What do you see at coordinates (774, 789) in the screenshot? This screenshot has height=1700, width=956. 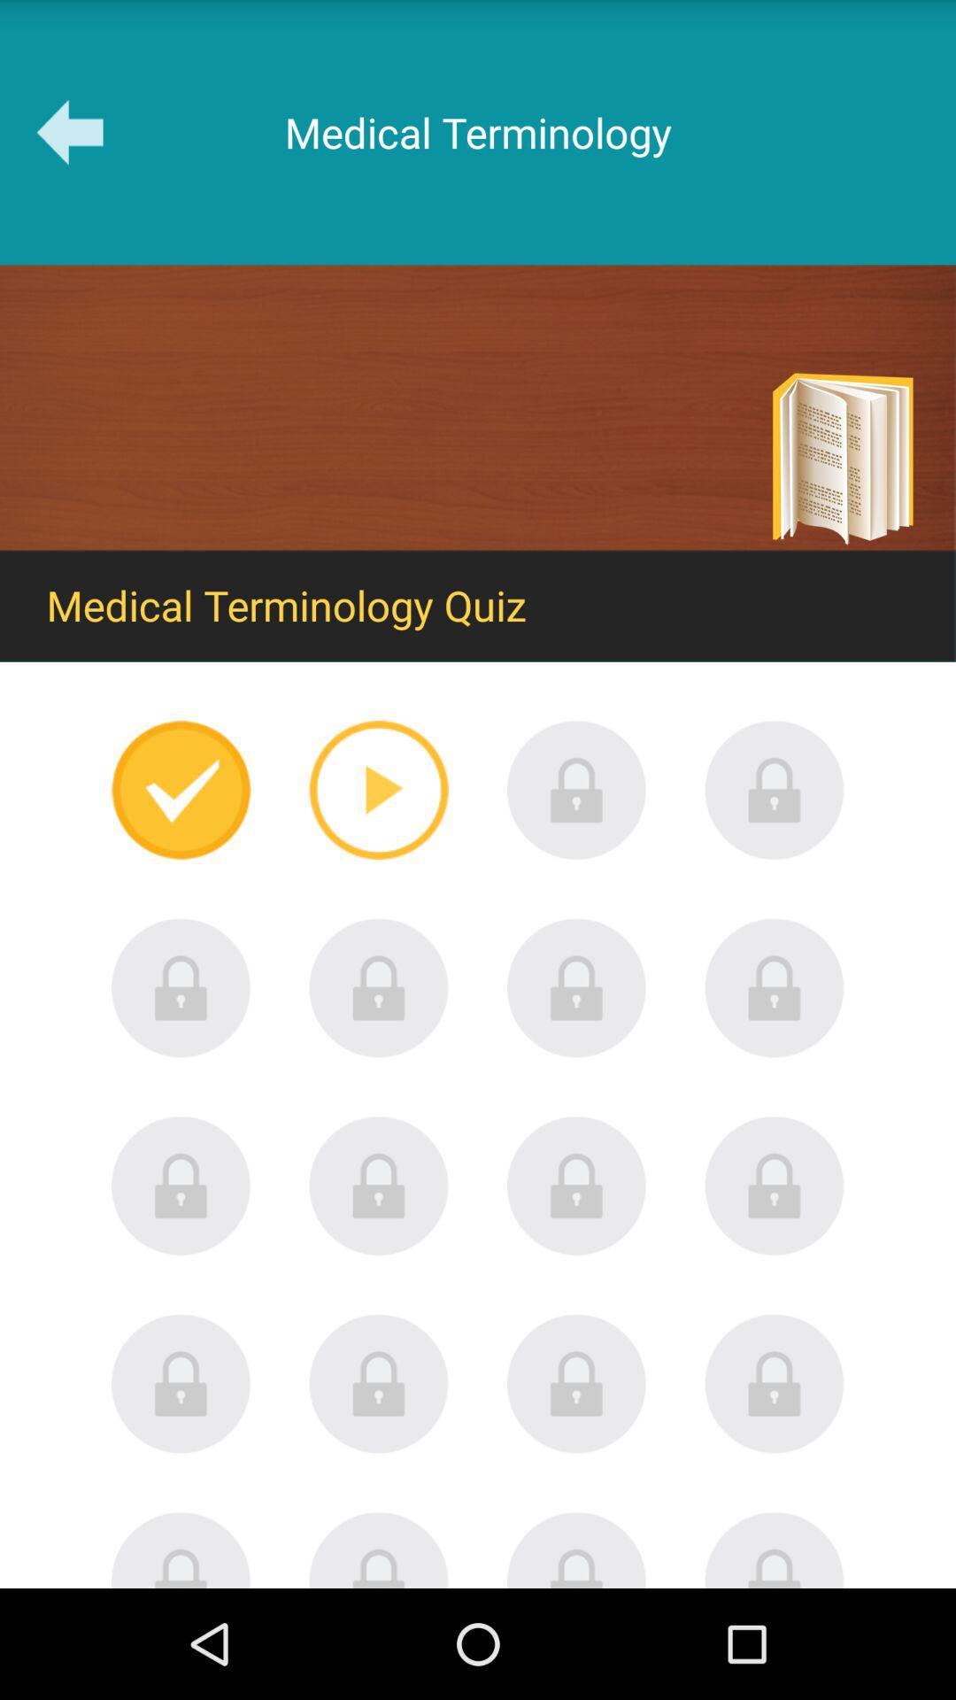 I see `level locked` at bounding box center [774, 789].